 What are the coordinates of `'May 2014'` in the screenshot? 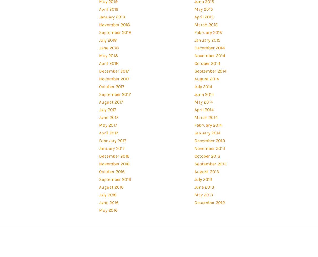 It's located at (194, 102).